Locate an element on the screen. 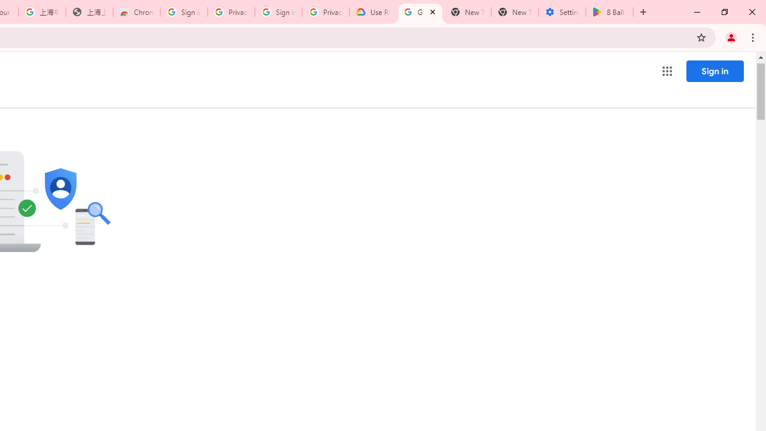 The image size is (766, 431). 'New Tab' is located at coordinates (515, 12).